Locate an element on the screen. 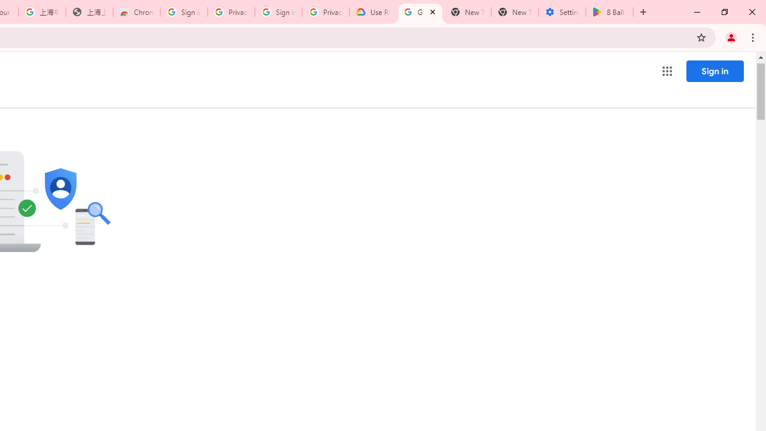 The image size is (766, 431). 'New Tab' is located at coordinates (515, 12).